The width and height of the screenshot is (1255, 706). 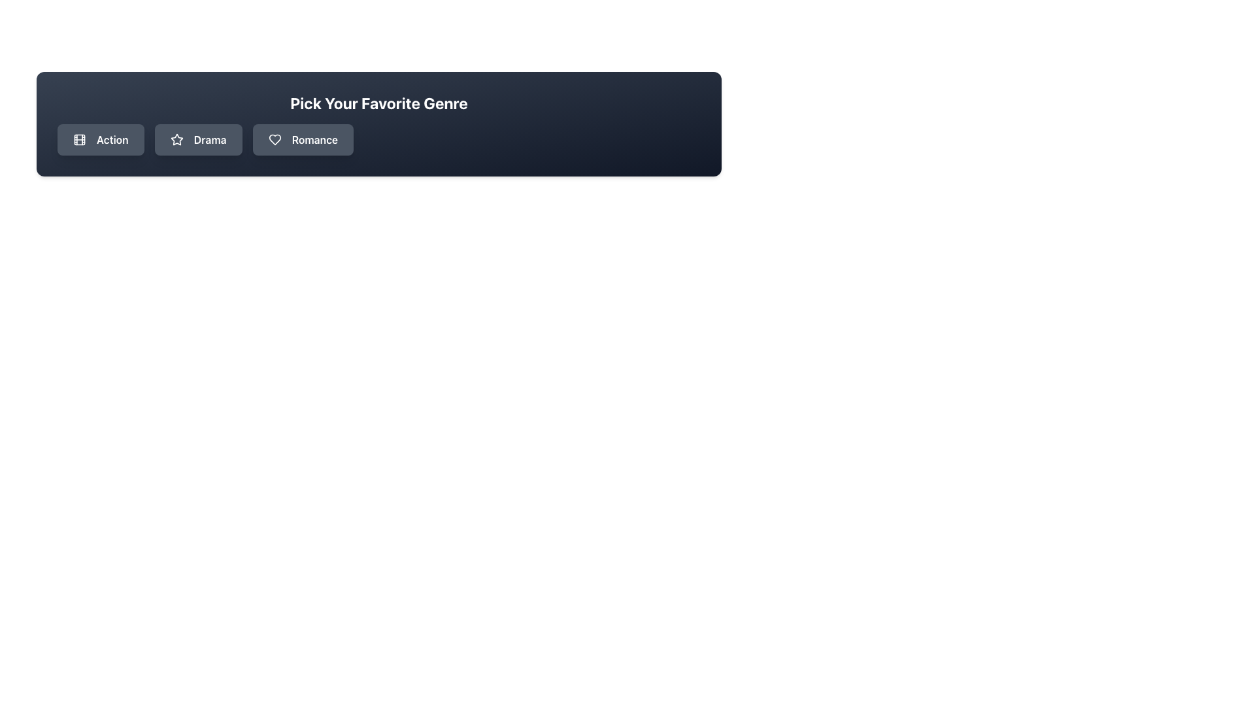 I want to click on the first button labeled 'Action' in the 'Pick Your Favorite Genre' grouping, so click(x=99, y=139).